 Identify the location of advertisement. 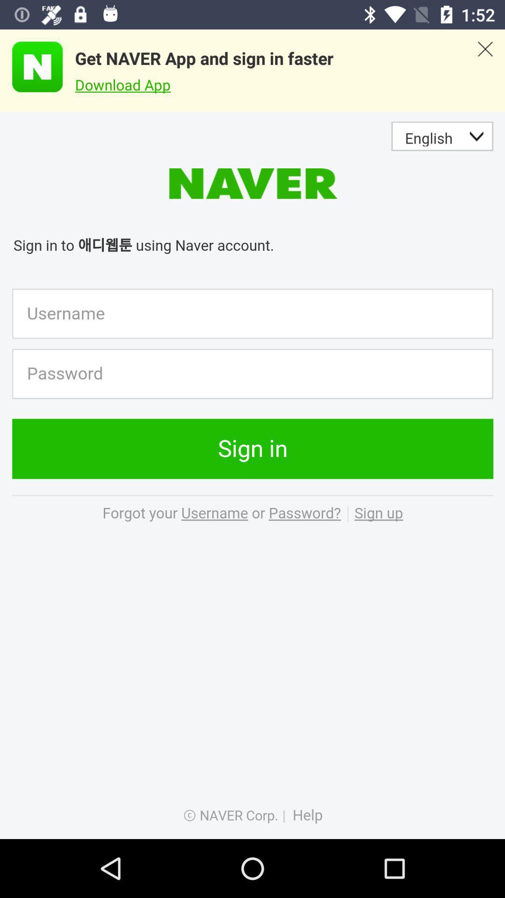
(31, 66).